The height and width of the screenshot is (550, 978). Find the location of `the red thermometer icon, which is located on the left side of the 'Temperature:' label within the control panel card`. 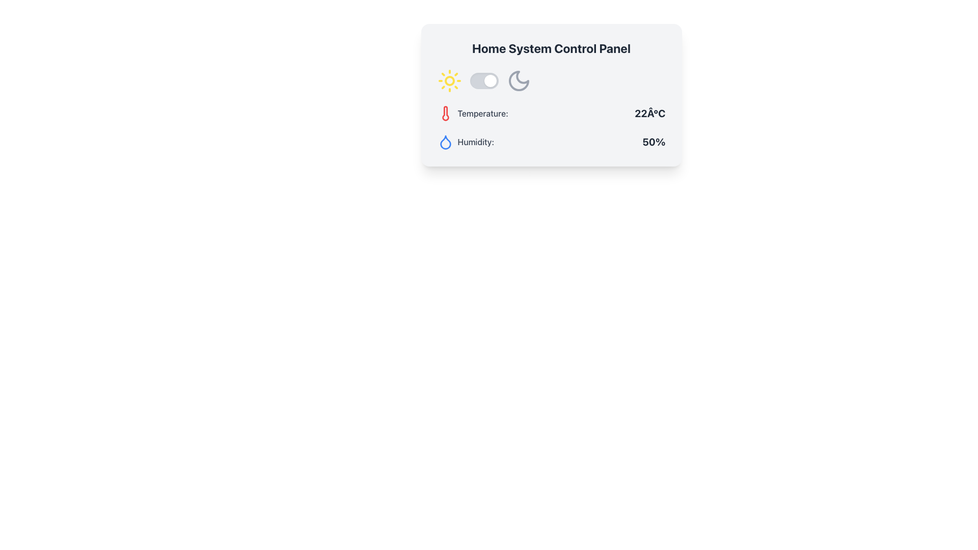

the red thermometer icon, which is located on the left side of the 'Temperature:' label within the control panel card is located at coordinates (445, 114).